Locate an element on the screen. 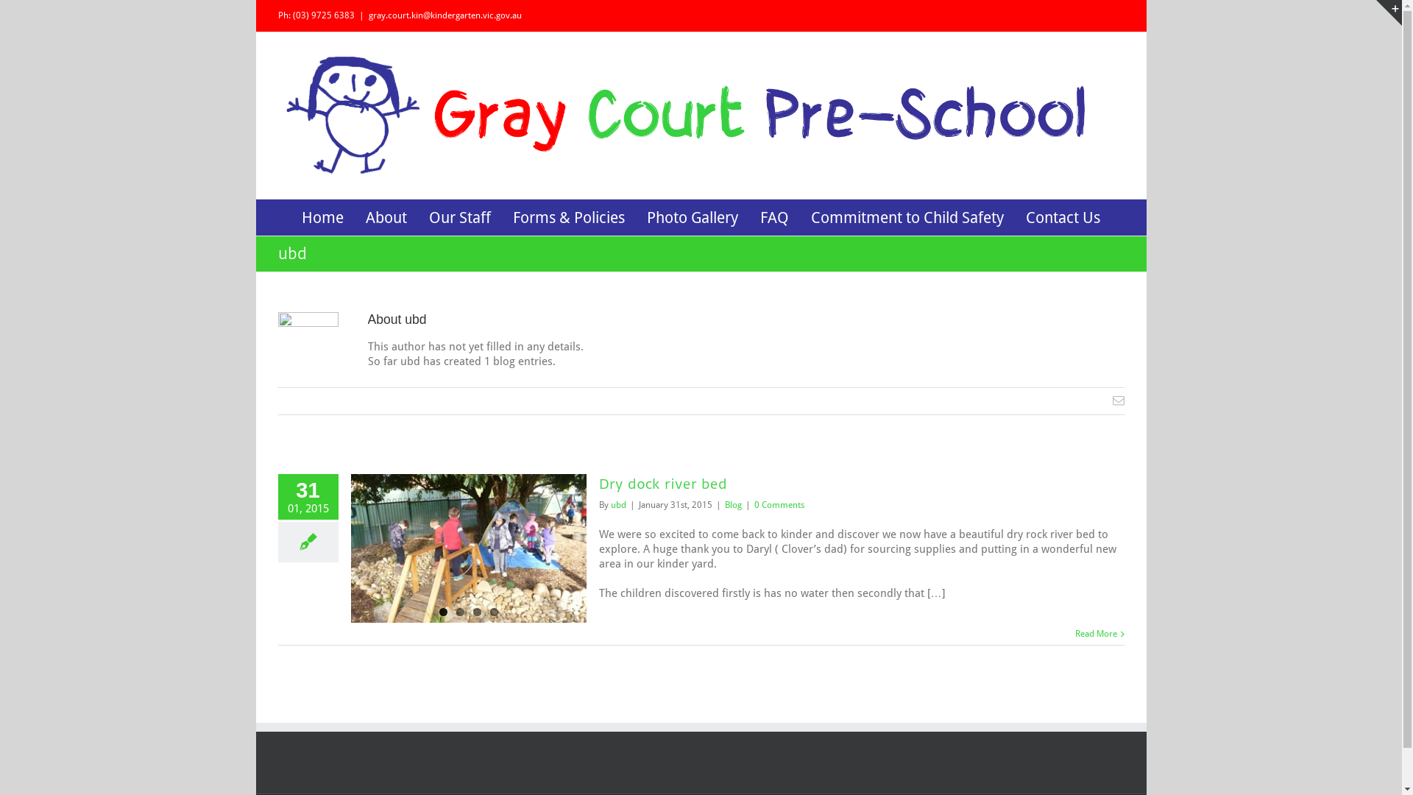  'gray.court.kin@kindergarten.vic.gov.au' is located at coordinates (367, 15).